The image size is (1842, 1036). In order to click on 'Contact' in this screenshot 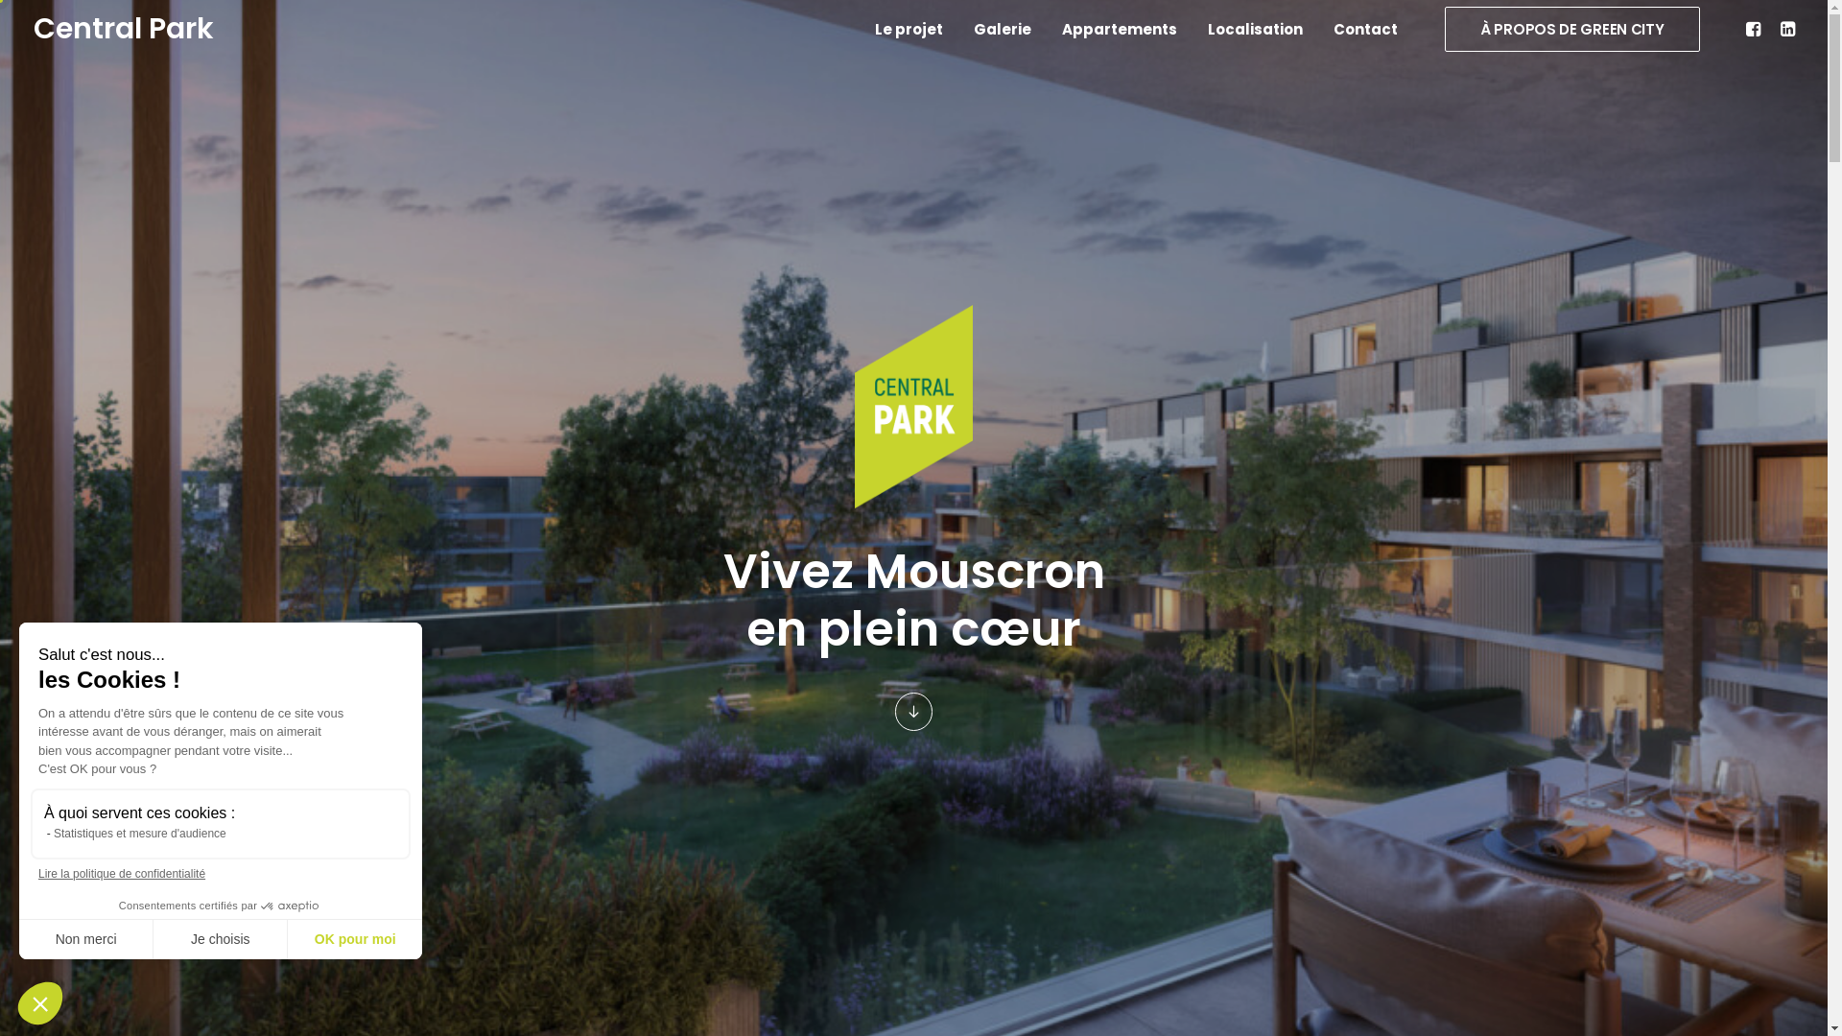, I will do `click(1358, 29)`.